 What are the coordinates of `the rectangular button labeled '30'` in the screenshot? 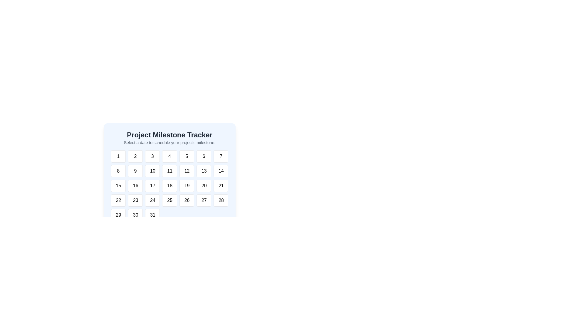 It's located at (135, 215).